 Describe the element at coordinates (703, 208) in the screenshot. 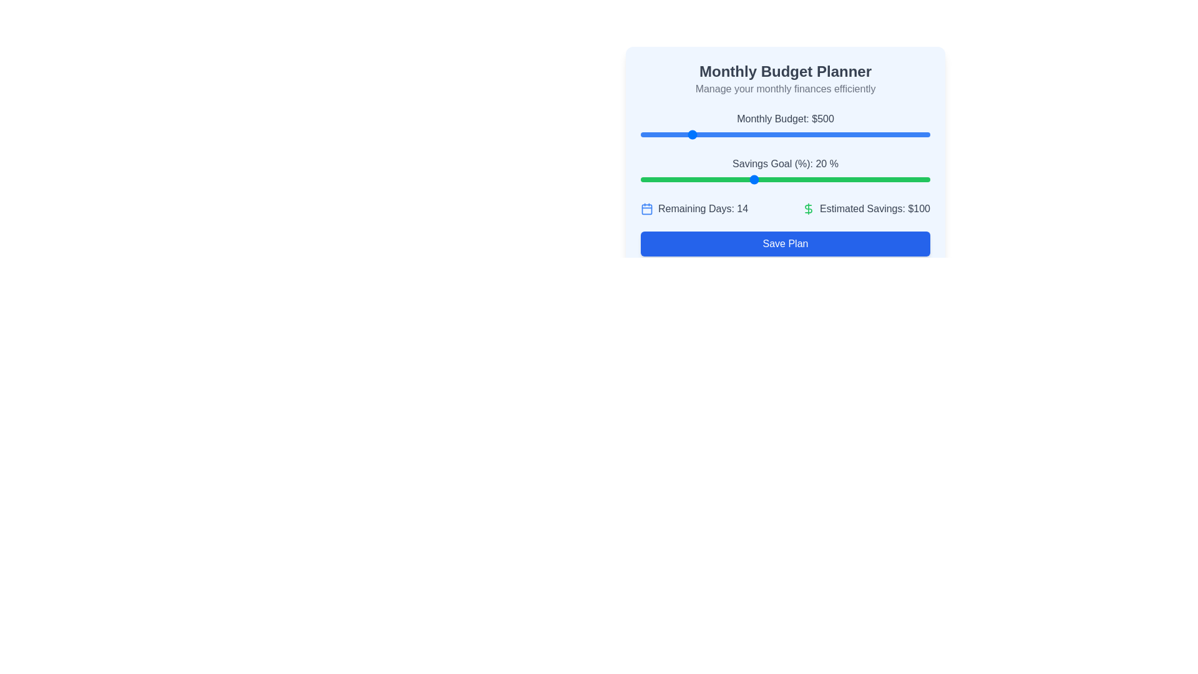

I see `the text label displaying the number of days remaining for a certain event in the budget planner interface, located to the right of the blue calendar icon` at that location.